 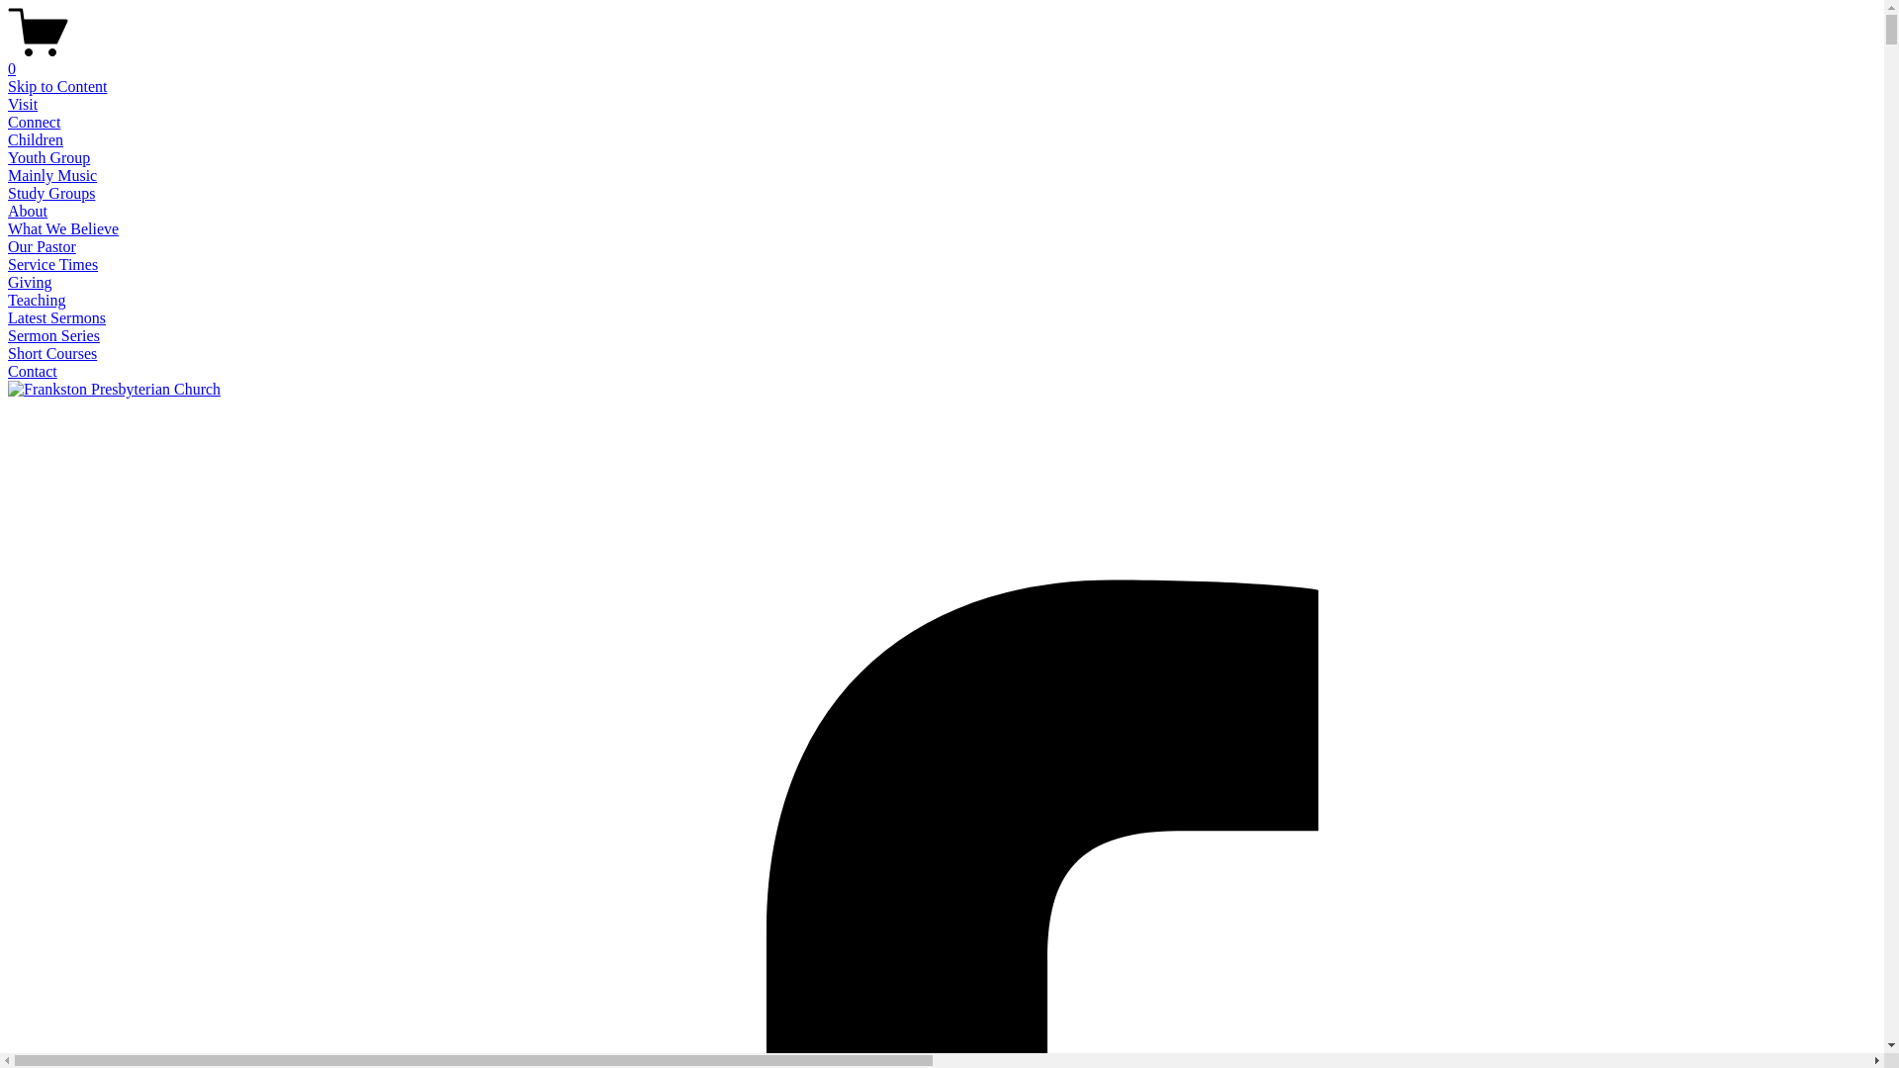 I want to click on 'Our Pastor', so click(x=42, y=245).